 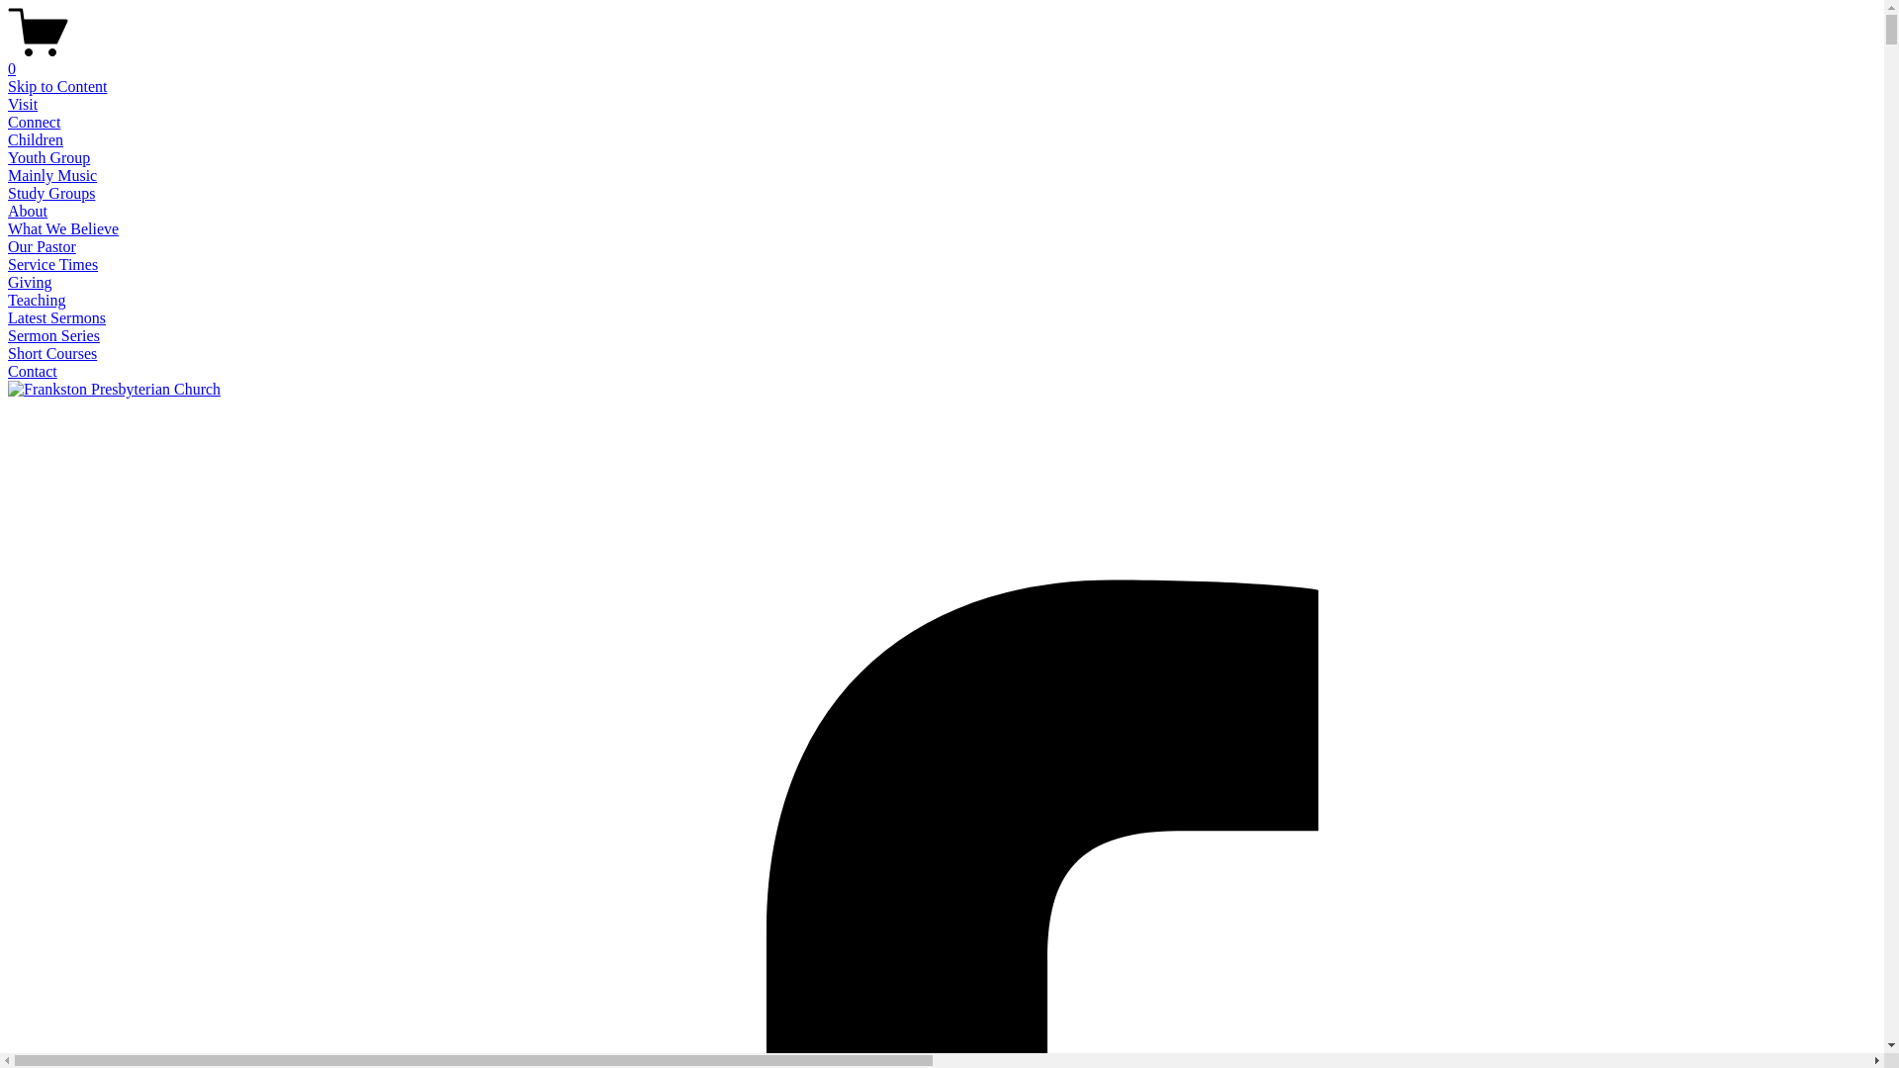 I want to click on 'Our Pastor', so click(x=42, y=245).